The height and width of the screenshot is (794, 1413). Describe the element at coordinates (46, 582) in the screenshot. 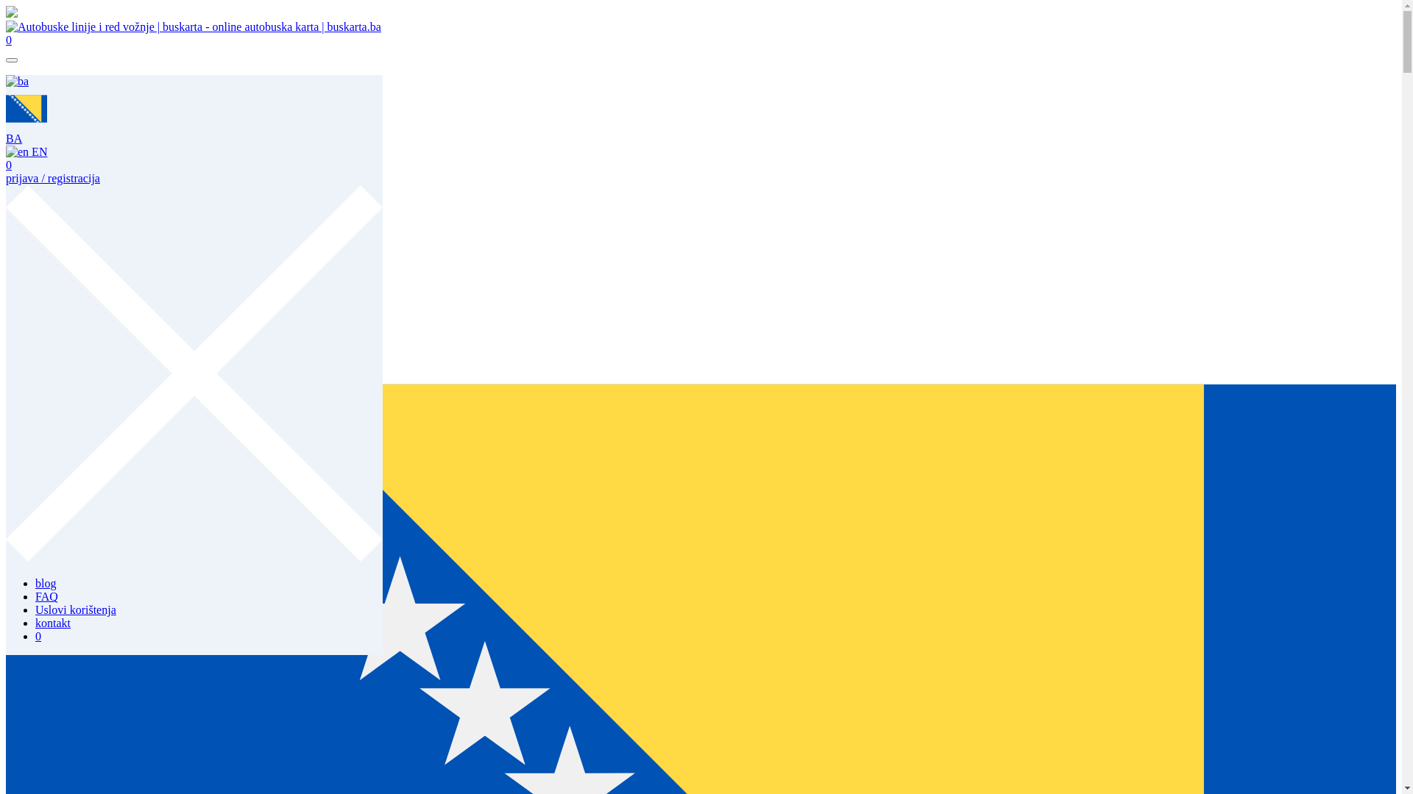

I see `'blog'` at that location.